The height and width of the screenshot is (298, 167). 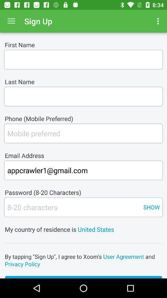 I want to click on the by tapping sign, so click(x=83, y=260).